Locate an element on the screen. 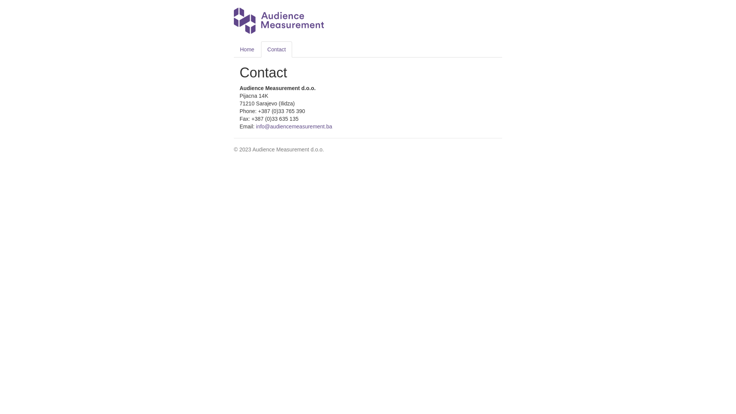 This screenshot has height=414, width=736. 'Home' is located at coordinates (247, 49).